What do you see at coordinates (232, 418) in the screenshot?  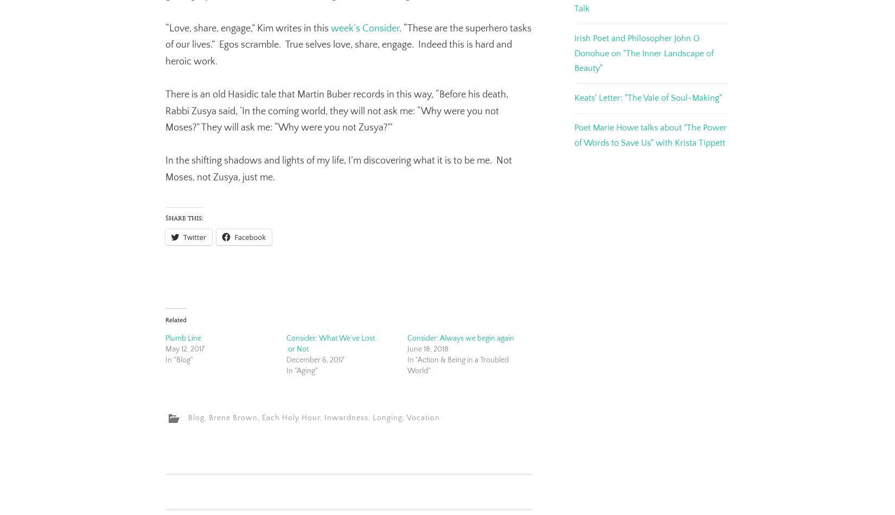 I see `'Brene Brown'` at bounding box center [232, 418].